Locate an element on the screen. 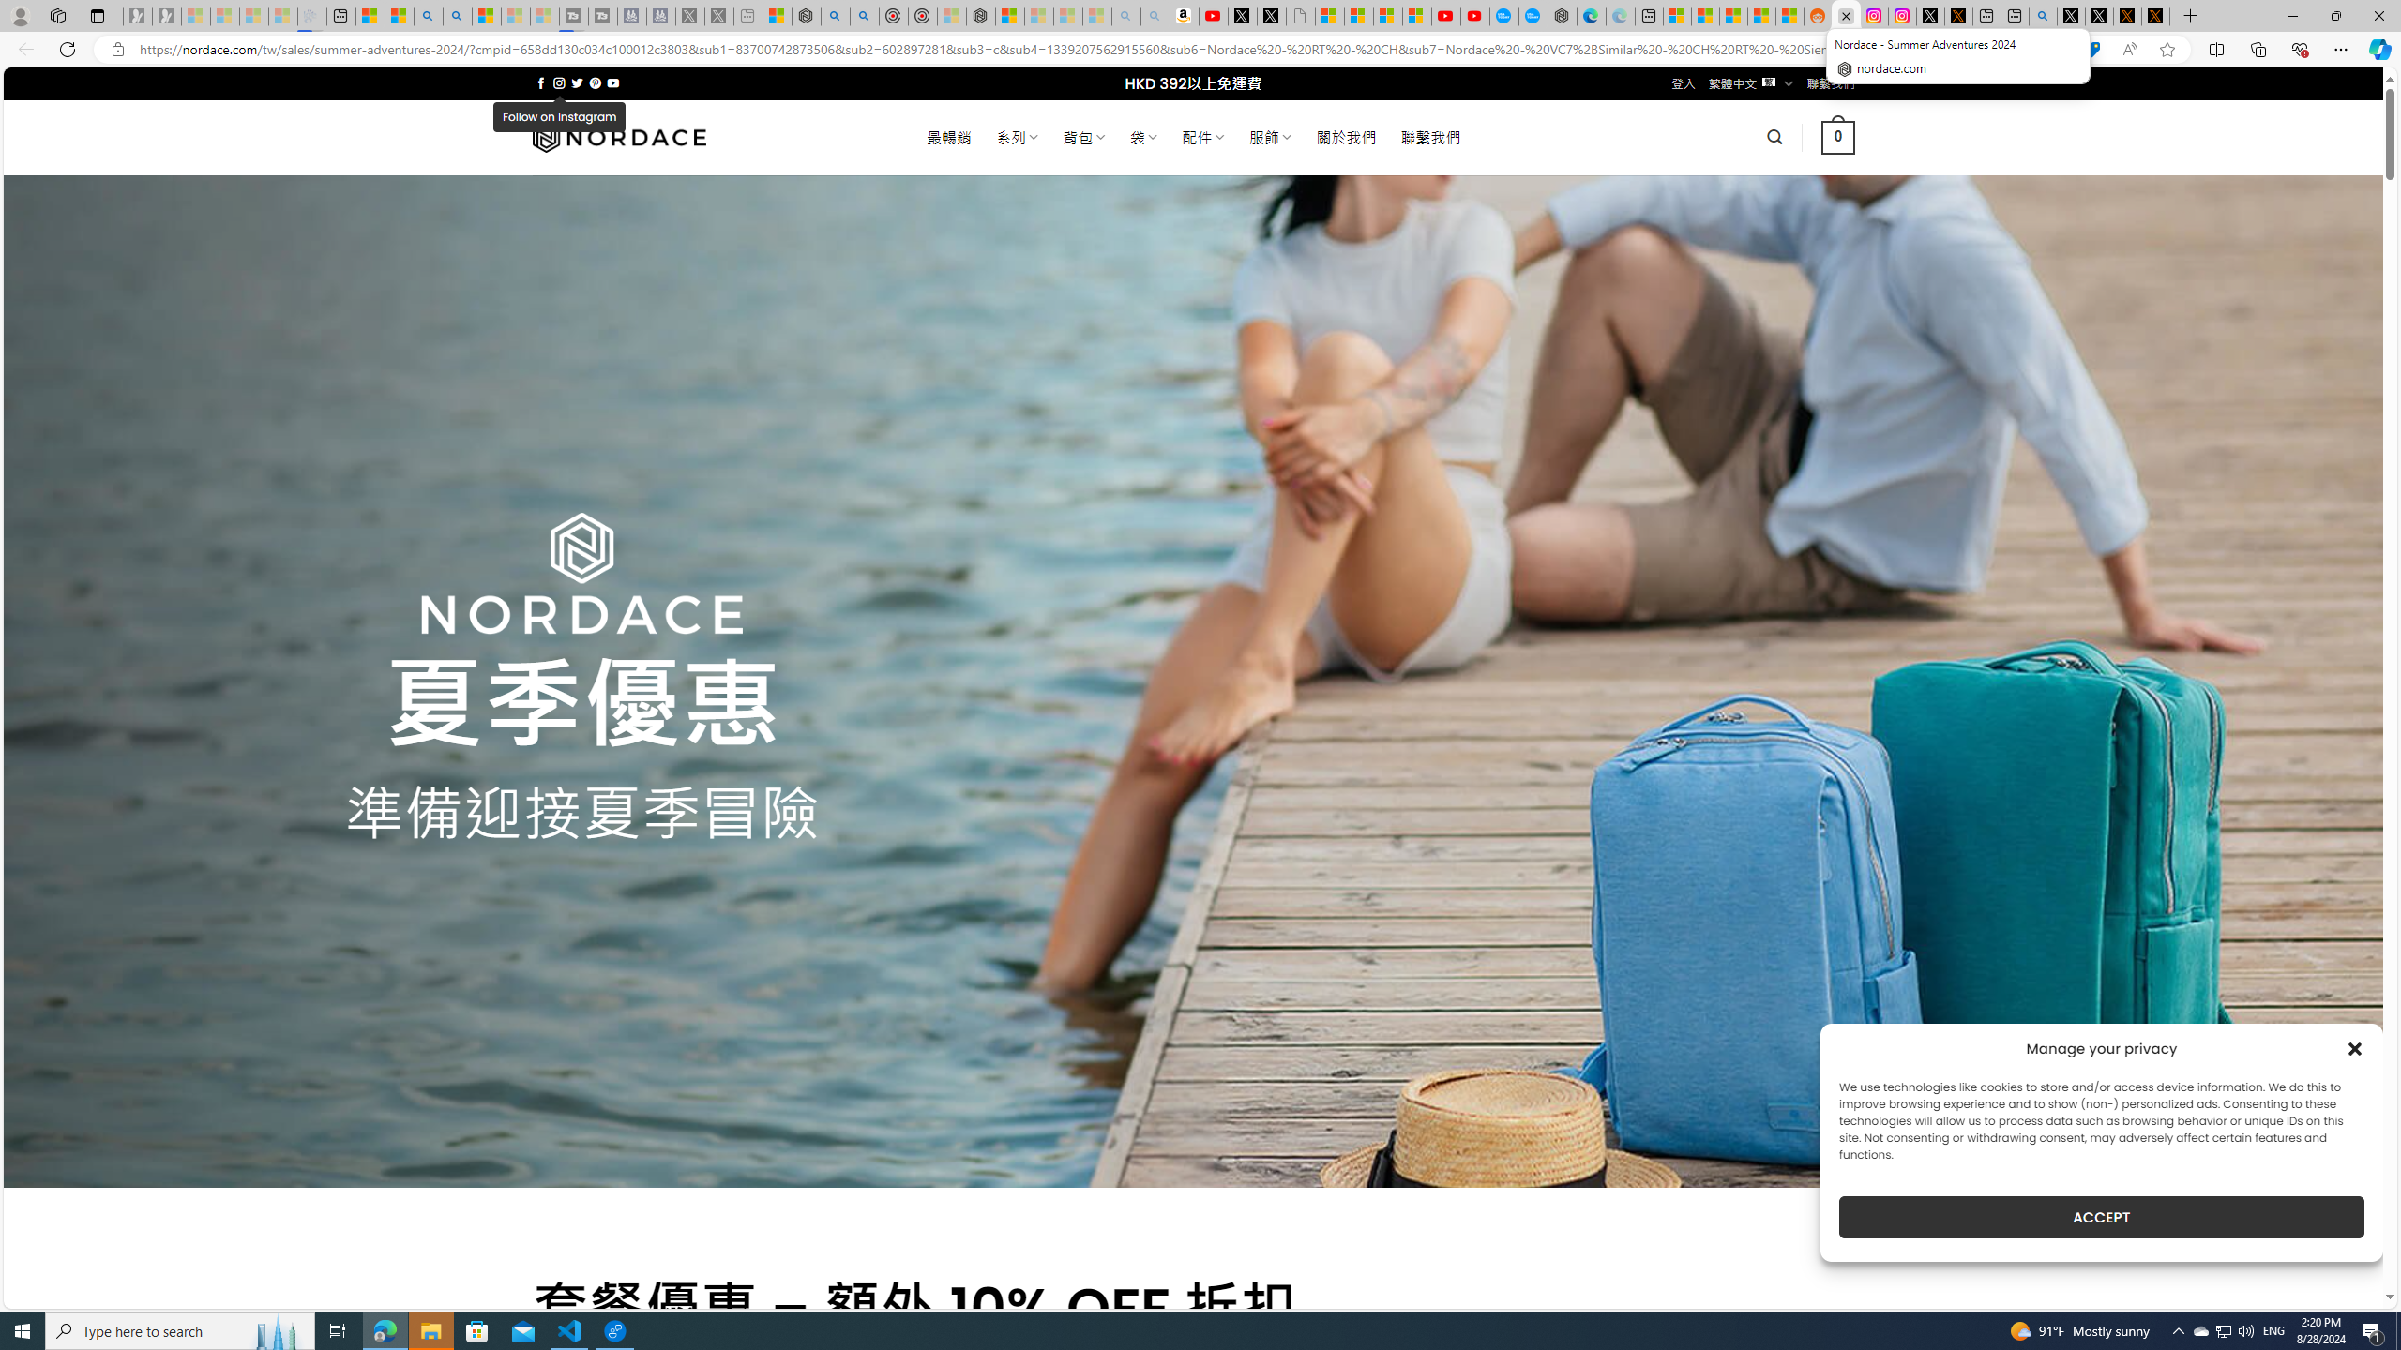 The width and height of the screenshot is (2401, 1350). 'Browser essentials' is located at coordinates (2299, 48).